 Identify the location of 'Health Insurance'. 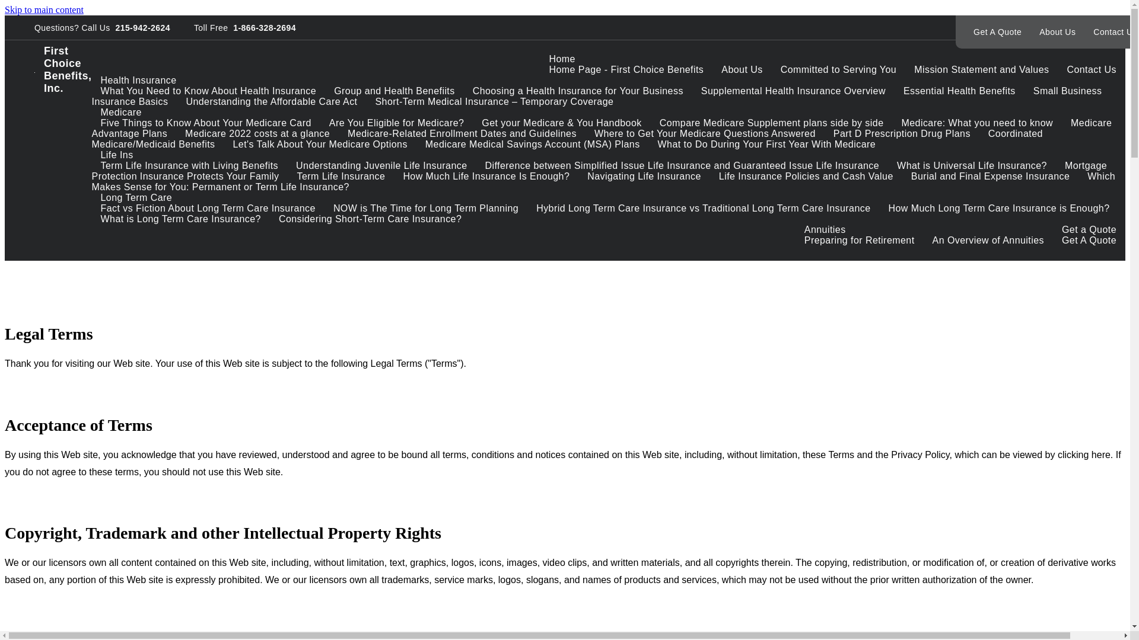
(91, 80).